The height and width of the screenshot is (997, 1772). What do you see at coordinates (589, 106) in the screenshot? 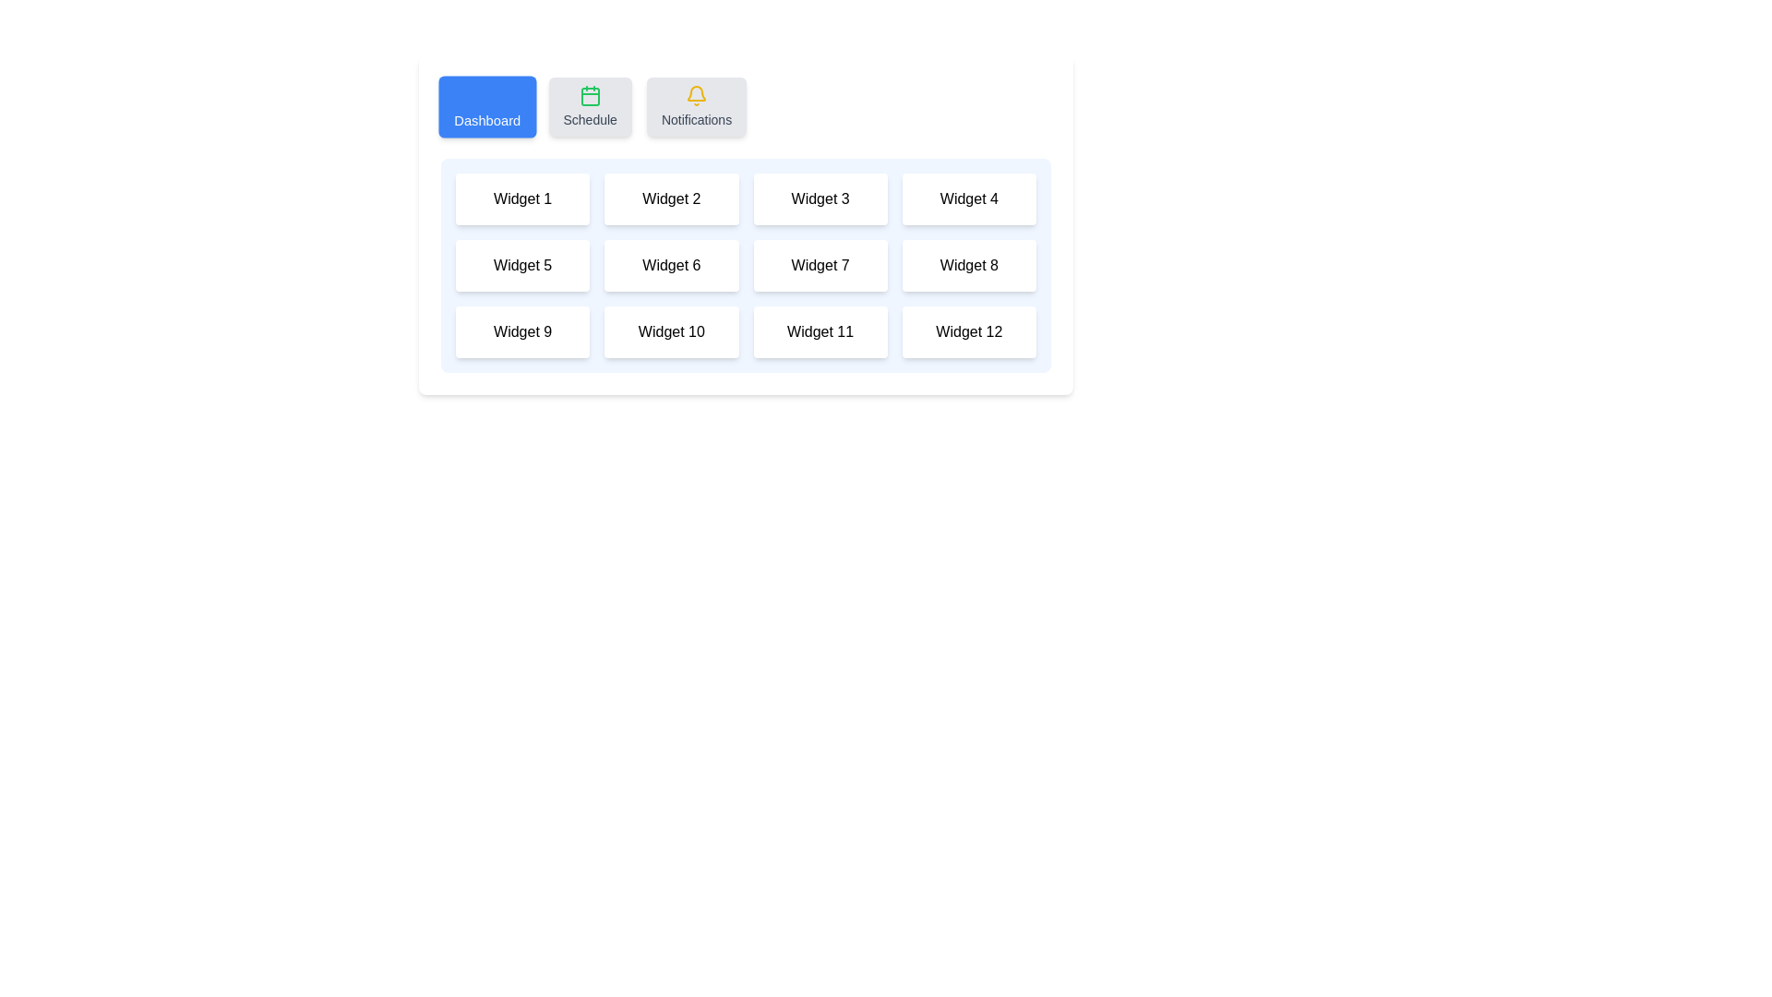
I see `the tab labeled Schedule to preview its appearance` at bounding box center [589, 106].